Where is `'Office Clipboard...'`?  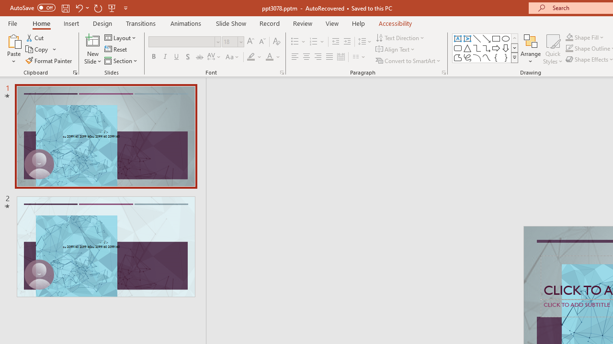
'Office Clipboard...' is located at coordinates (74, 72).